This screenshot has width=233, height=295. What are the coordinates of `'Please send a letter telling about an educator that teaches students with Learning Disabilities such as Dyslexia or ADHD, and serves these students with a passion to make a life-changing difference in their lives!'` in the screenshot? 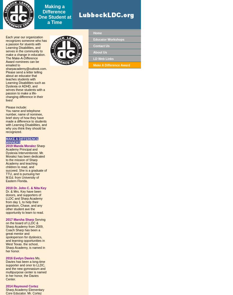 It's located at (25, 86).